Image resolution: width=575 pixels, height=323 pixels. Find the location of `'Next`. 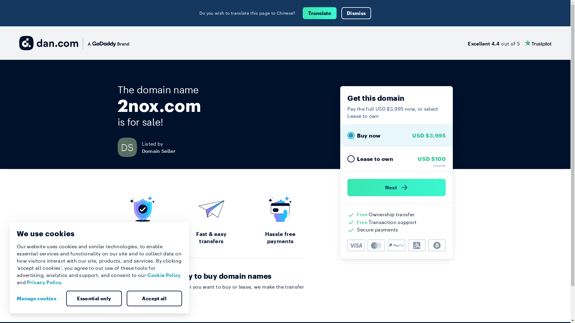

'Next is located at coordinates (397, 187).